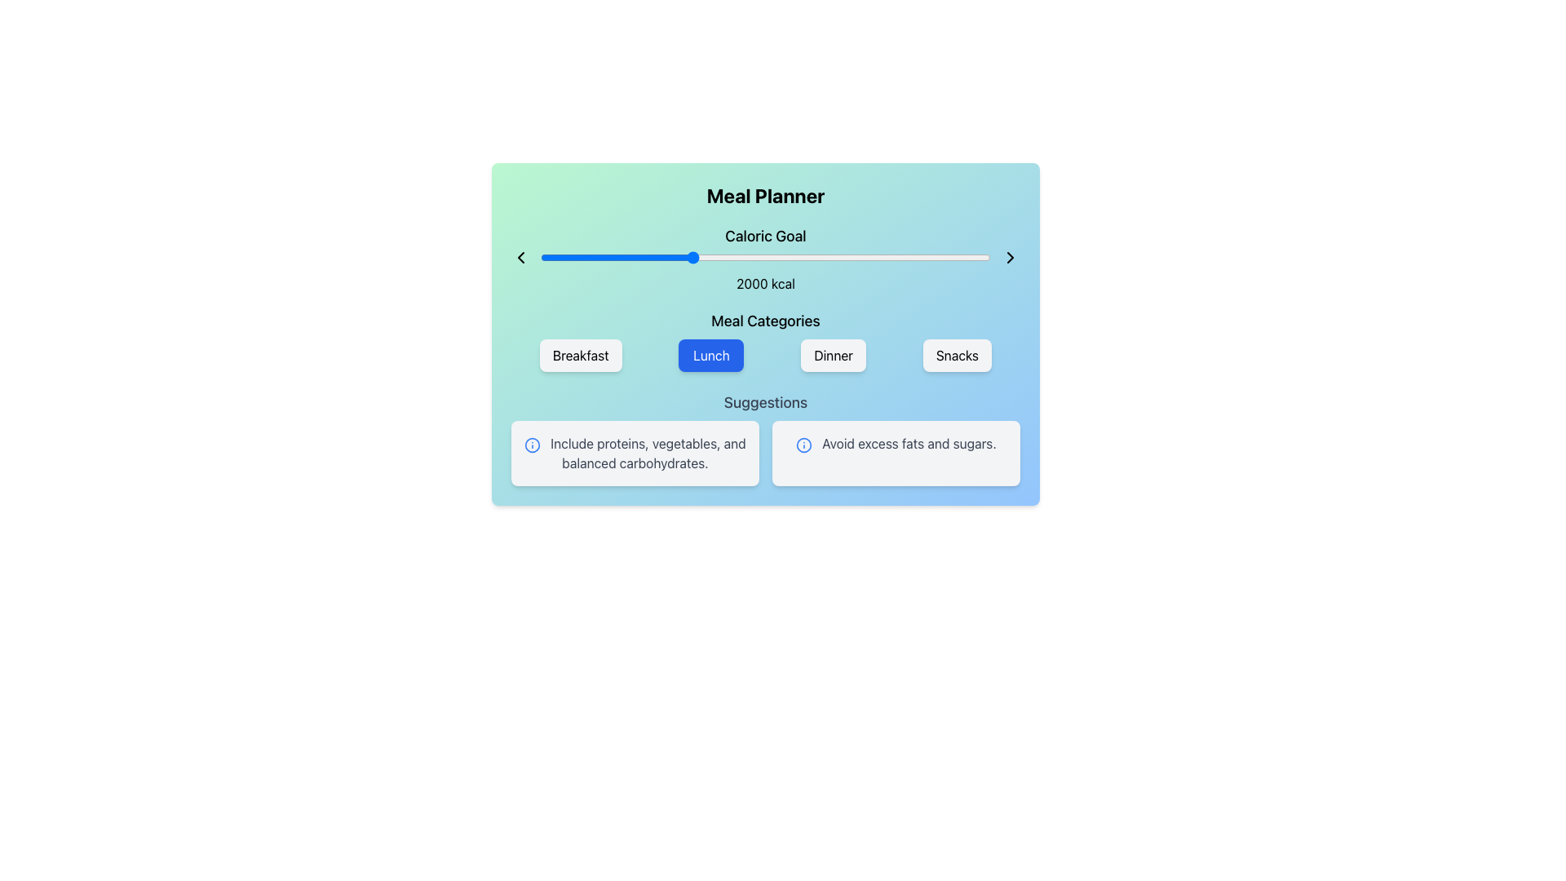 Image resolution: width=1566 pixels, height=881 pixels. I want to click on 'Lunch' button within the 'Meal Categories' button group, which is highlighted with a blue background and positioned below the header in the 'Meal Planner' section, so click(765, 339).